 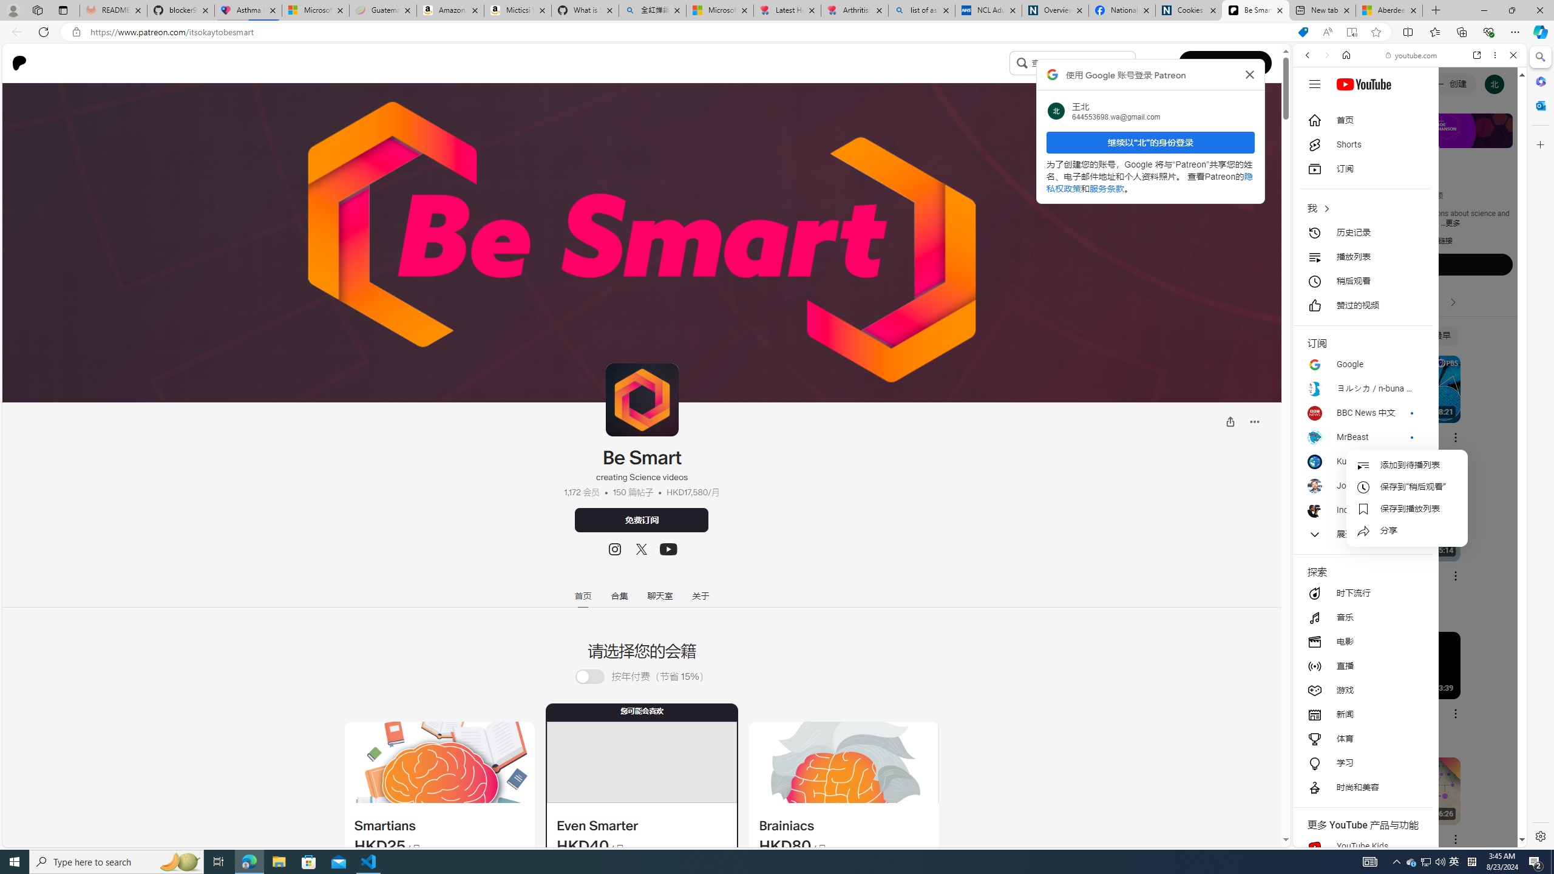 I want to click on 'Class: sc-jrQzAO HeRcC sc-1b5vbhn-1 hqVCmM', so click(x=668, y=549).